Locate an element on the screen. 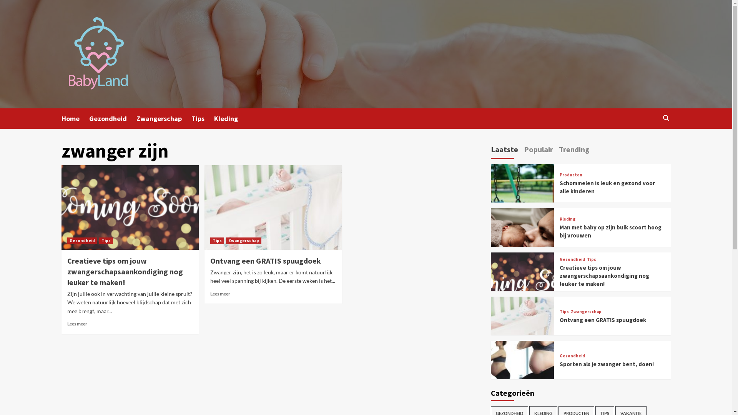 The height and width of the screenshot is (415, 738). 'Kleding' is located at coordinates (567, 219).